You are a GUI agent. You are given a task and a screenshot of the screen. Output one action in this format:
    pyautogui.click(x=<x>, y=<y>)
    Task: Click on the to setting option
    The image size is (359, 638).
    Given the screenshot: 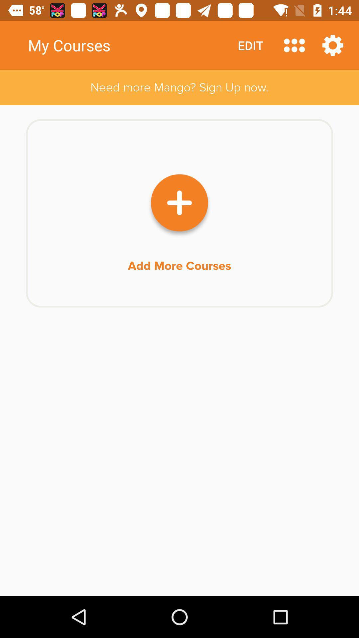 What is the action you would take?
    pyautogui.click(x=333, y=45)
    